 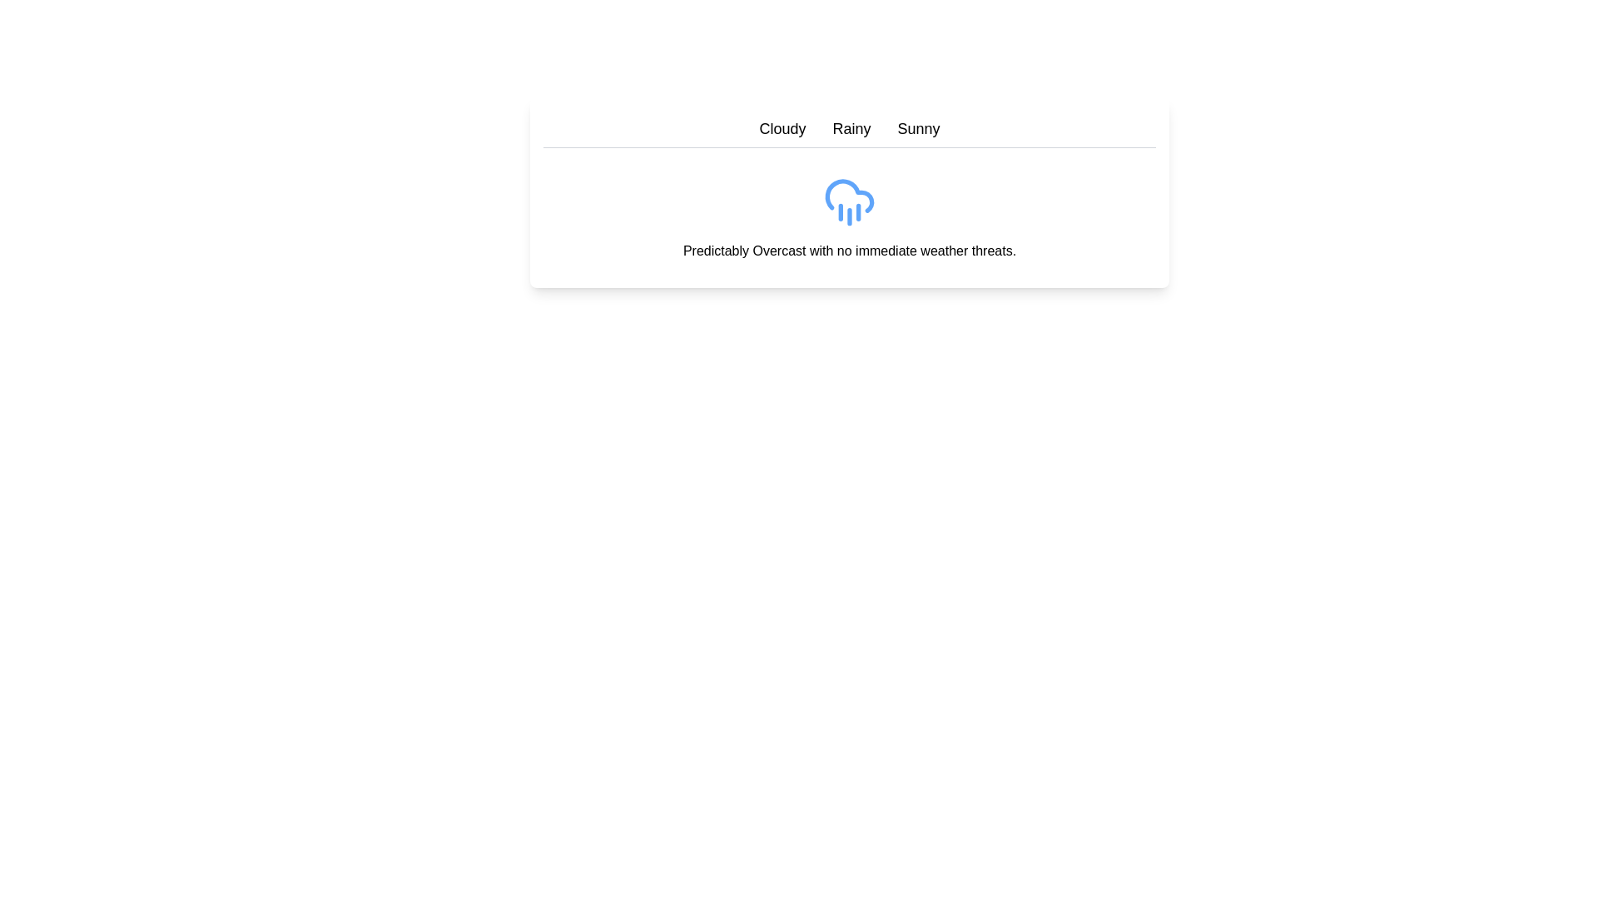 What do you see at coordinates (850, 191) in the screenshot?
I see `the Information Display element which features a blue cloud icon and the text 'Predictably Overcast with no immediate weather threats.'` at bounding box center [850, 191].